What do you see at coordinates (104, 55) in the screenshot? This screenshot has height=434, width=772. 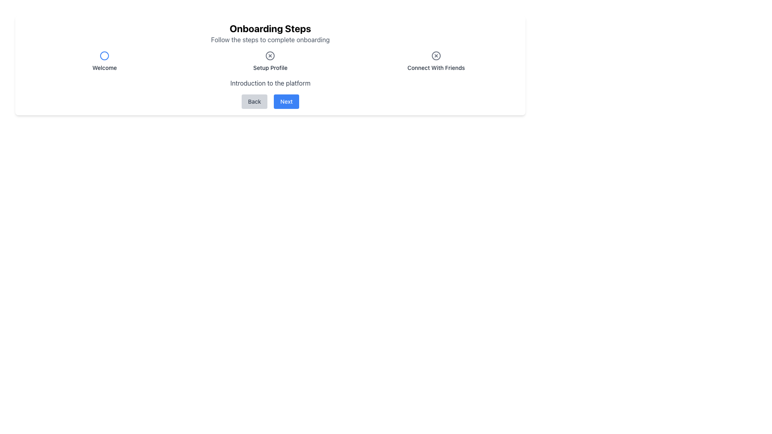 I see `the inner SVG Circle of the 'Welcome' onboarding step icon, which is located in the leftmost segment of the onboarding section` at bounding box center [104, 55].